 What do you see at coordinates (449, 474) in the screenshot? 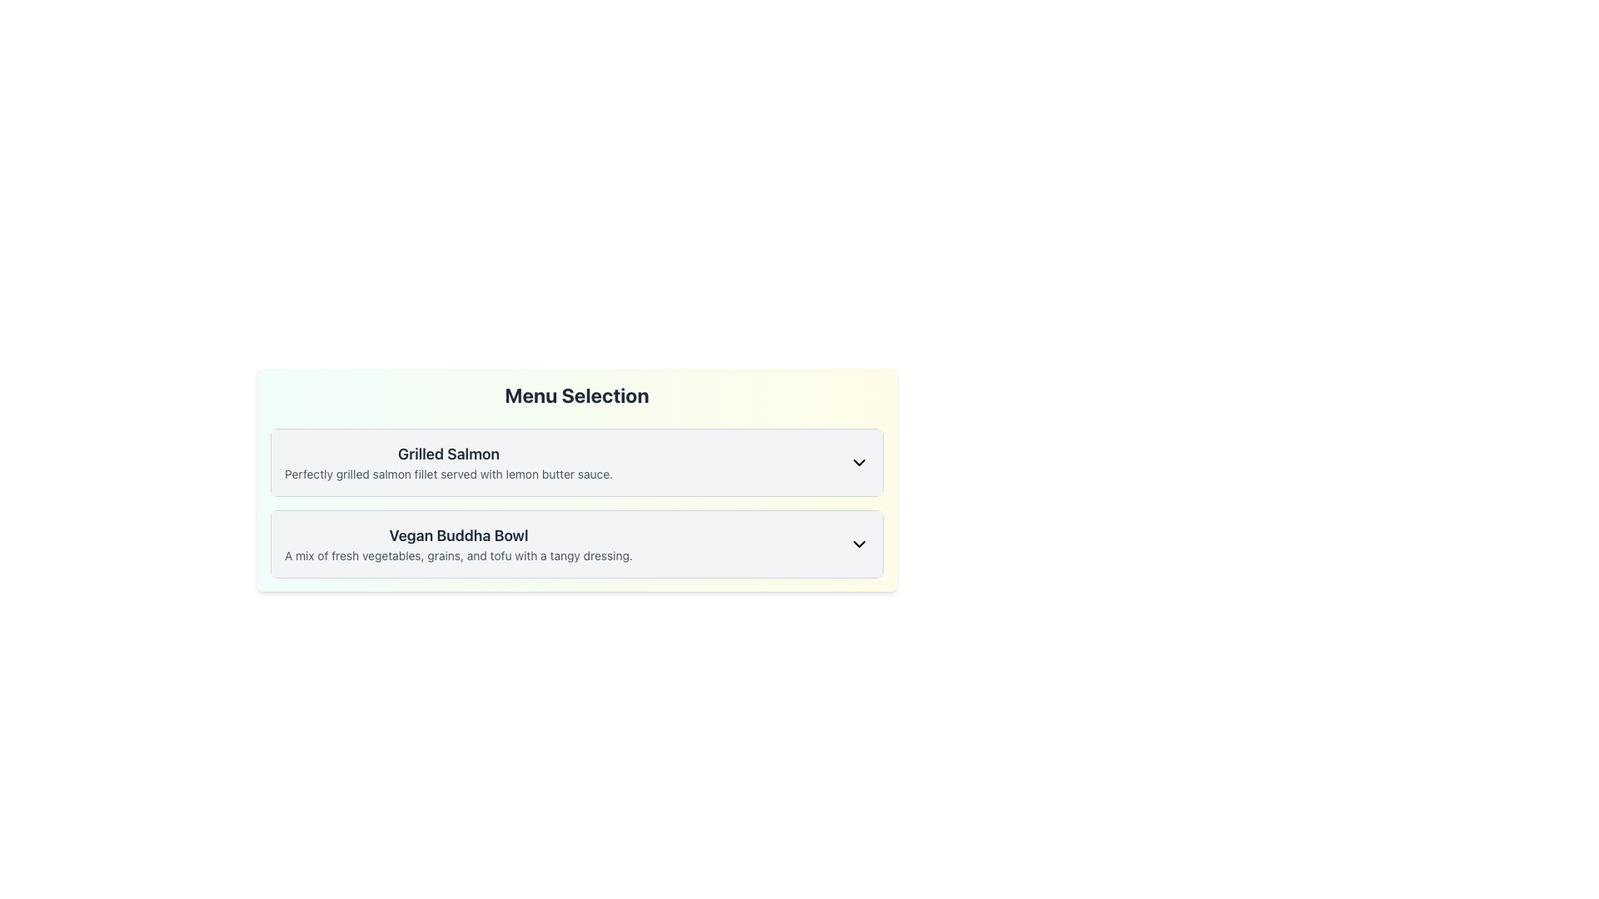
I see `the text label that reads 'Perfectly grilled salmon fillet served with lemon butter sauce.' which is styled in a small, gray font and located below the title 'Grilled Salmon' in the Menu Selection section` at bounding box center [449, 474].